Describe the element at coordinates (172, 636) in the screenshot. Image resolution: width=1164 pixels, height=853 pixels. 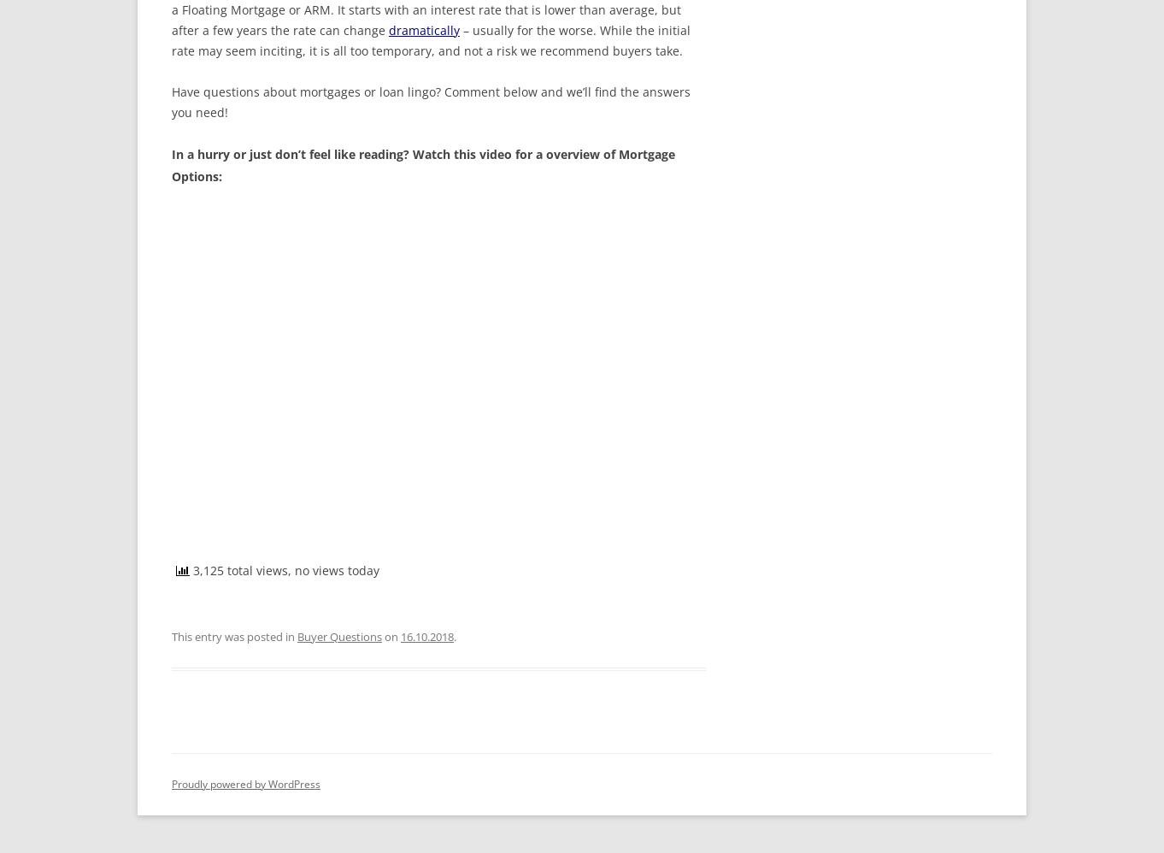
I see `'This entry was posted in'` at that location.